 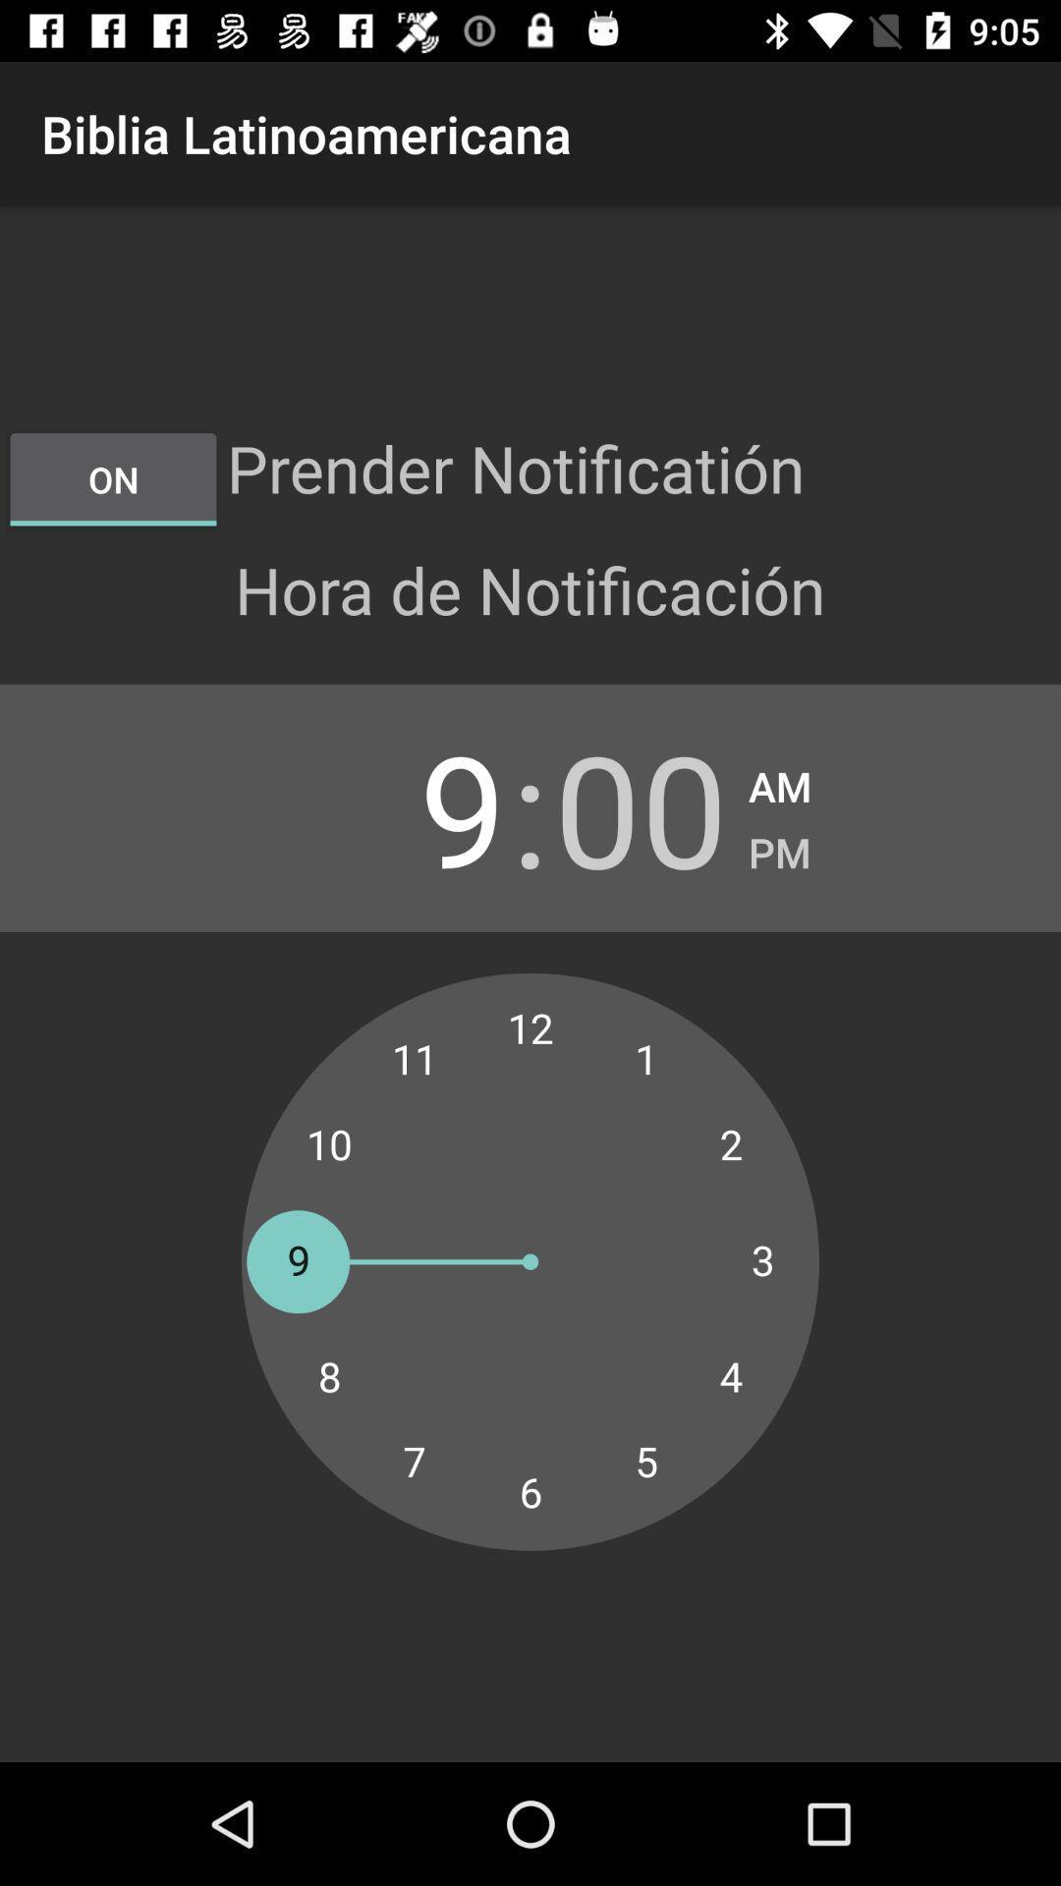 What do you see at coordinates (778, 847) in the screenshot?
I see `item next to the 00 item` at bounding box center [778, 847].